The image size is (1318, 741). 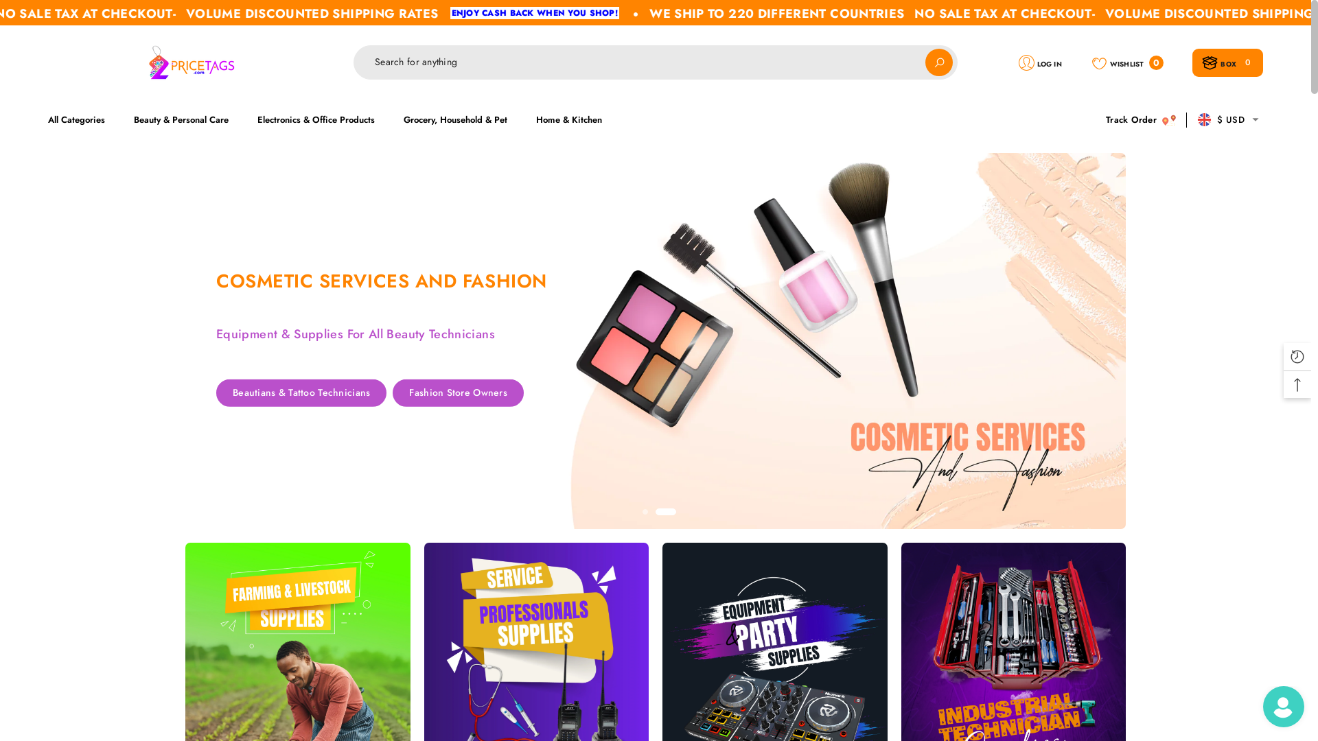 I want to click on 'Grocery, Household & Pet', so click(x=455, y=119).